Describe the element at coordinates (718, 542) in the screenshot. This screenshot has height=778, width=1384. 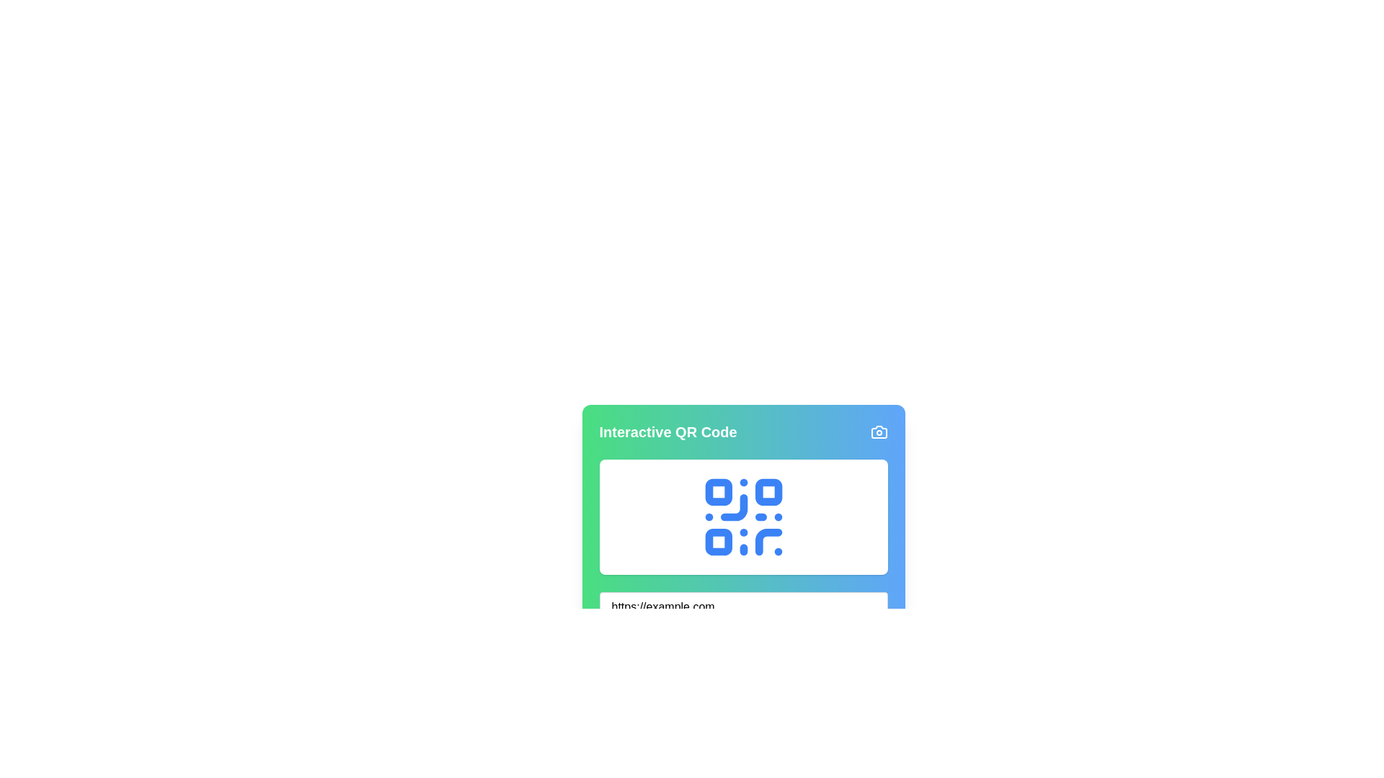
I see `the Decorative graphic element located in the bottom-left corner of the QR code, which is the third rectangular shape among its siblings` at that location.